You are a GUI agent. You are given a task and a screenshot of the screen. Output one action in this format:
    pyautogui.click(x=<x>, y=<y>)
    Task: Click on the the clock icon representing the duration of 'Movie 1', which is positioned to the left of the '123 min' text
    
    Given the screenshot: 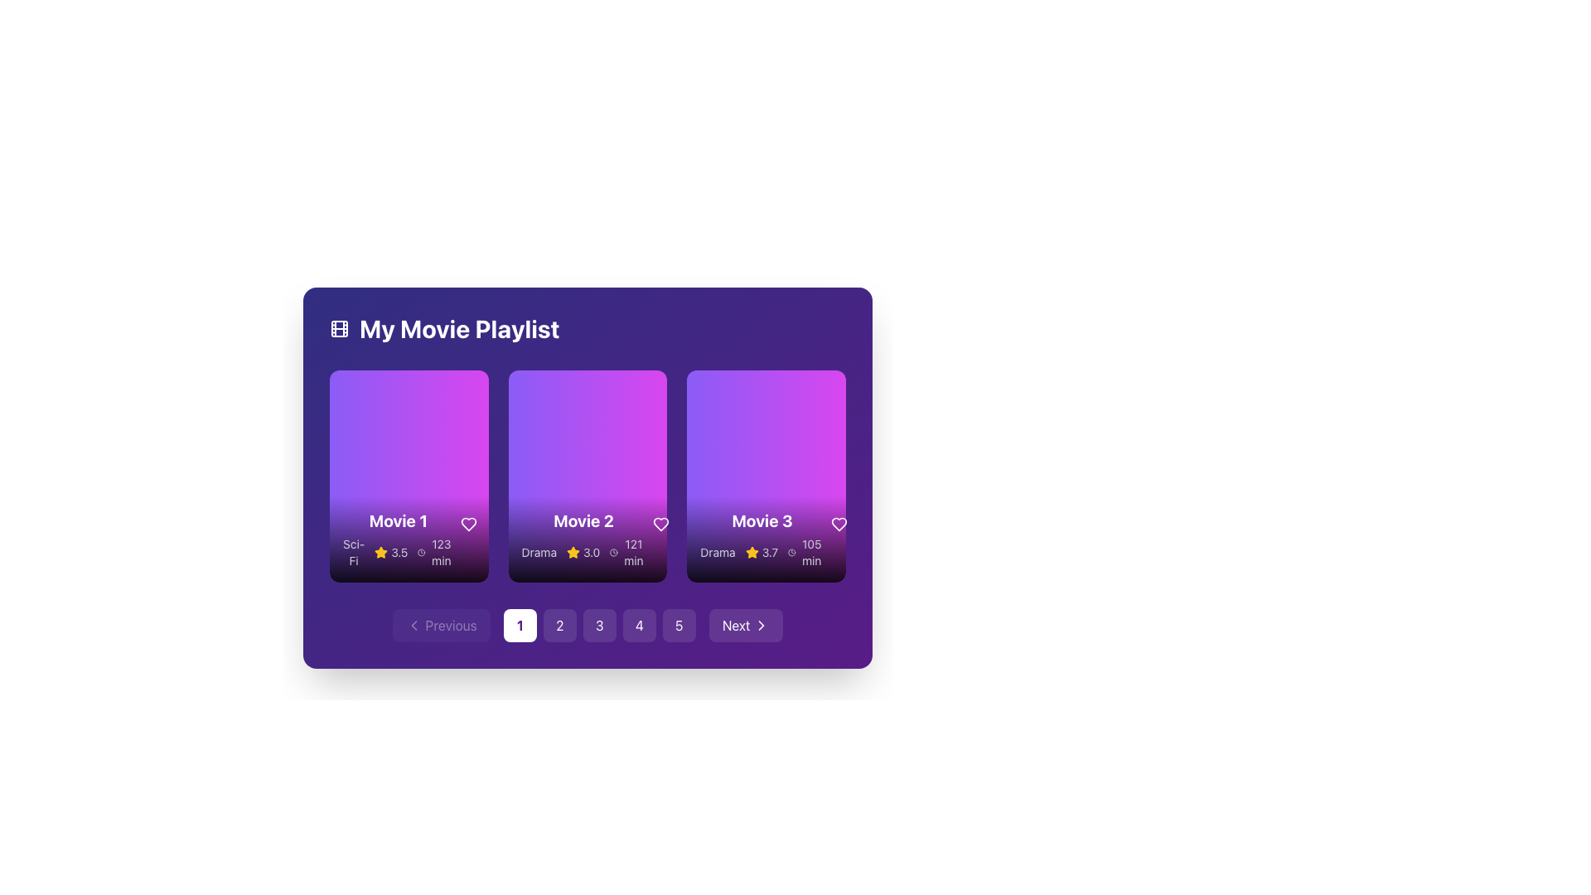 What is the action you would take?
    pyautogui.click(x=422, y=553)
    